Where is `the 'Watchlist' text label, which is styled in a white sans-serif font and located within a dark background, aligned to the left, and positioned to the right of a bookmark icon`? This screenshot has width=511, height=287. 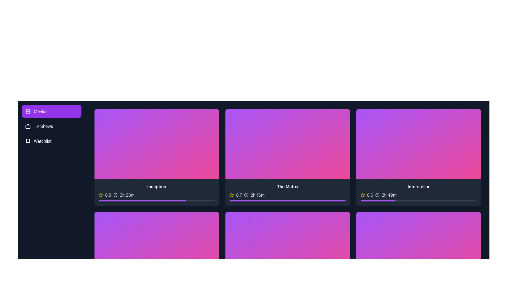
the 'Watchlist' text label, which is styled in a white sans-serif font and located within a dark background, aligned to the left, and positioned to the right of a bookmark icon is located at coordinates (43, 141).